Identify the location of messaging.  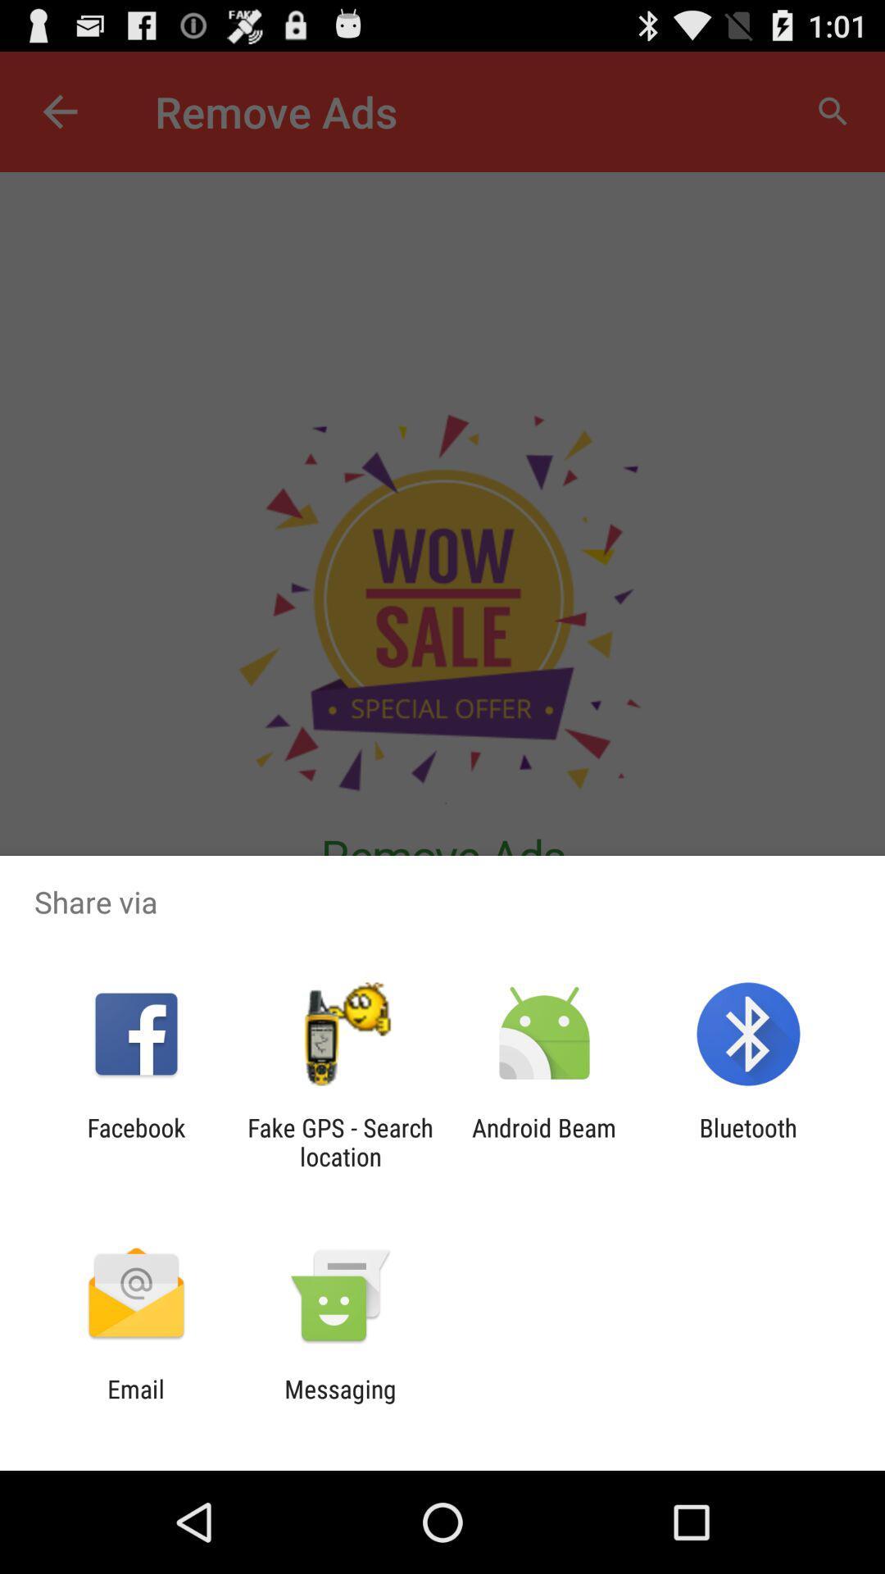
(339, 1403).